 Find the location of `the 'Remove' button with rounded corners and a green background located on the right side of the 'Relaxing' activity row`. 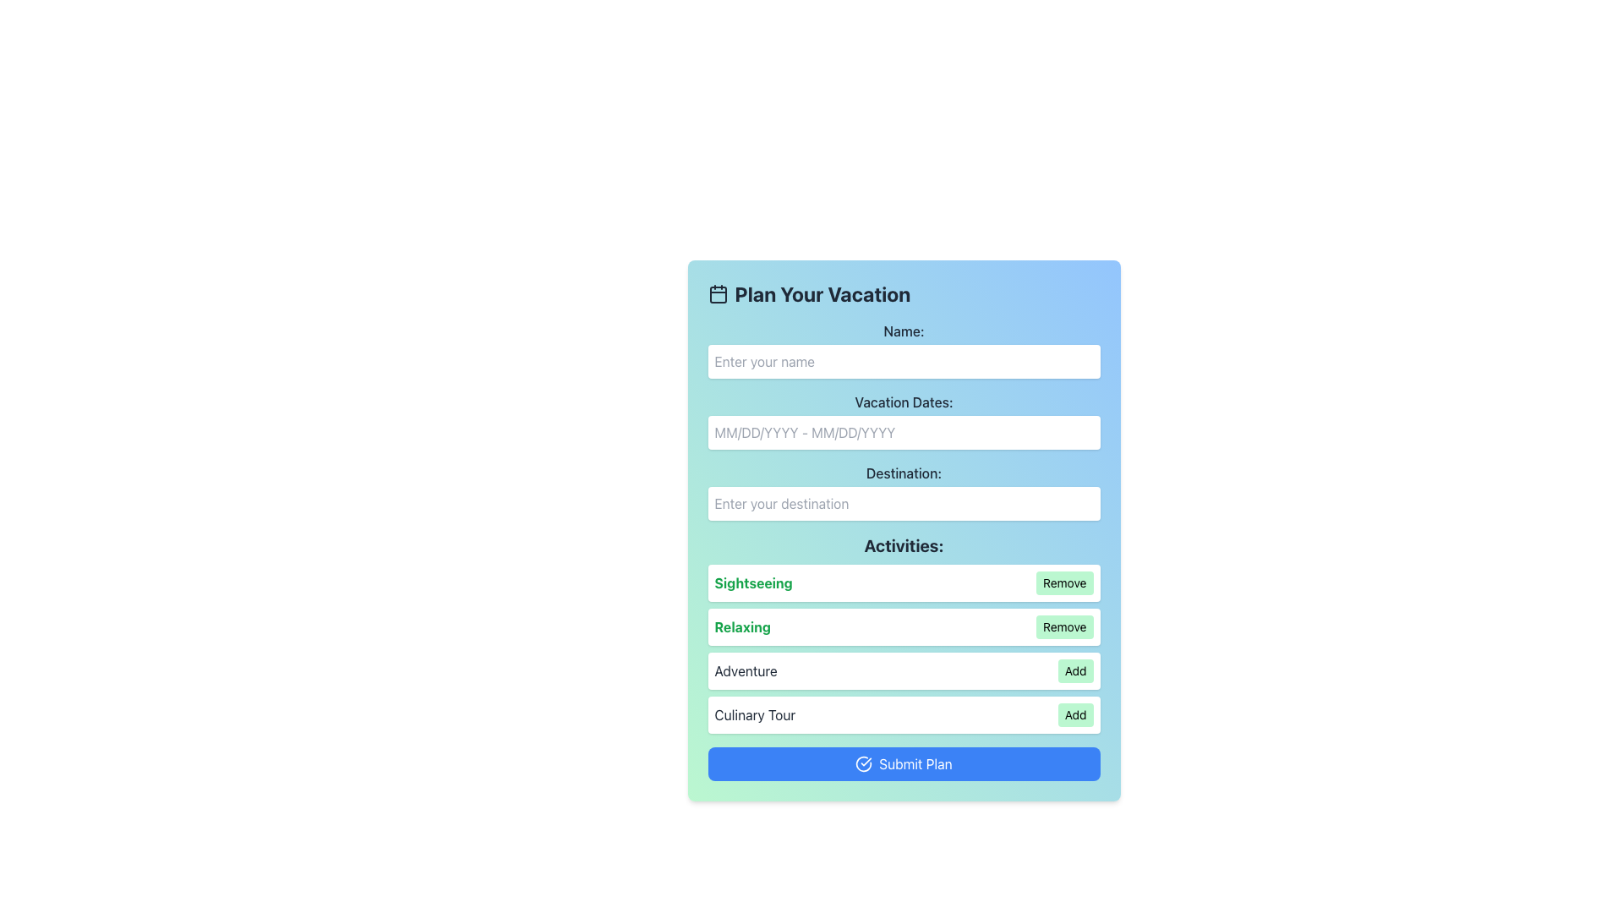

the 'Remove' button with rounded corners and a green background located on the right side of the 'Relaxing' activity row is located at coordinates (1063, 626).